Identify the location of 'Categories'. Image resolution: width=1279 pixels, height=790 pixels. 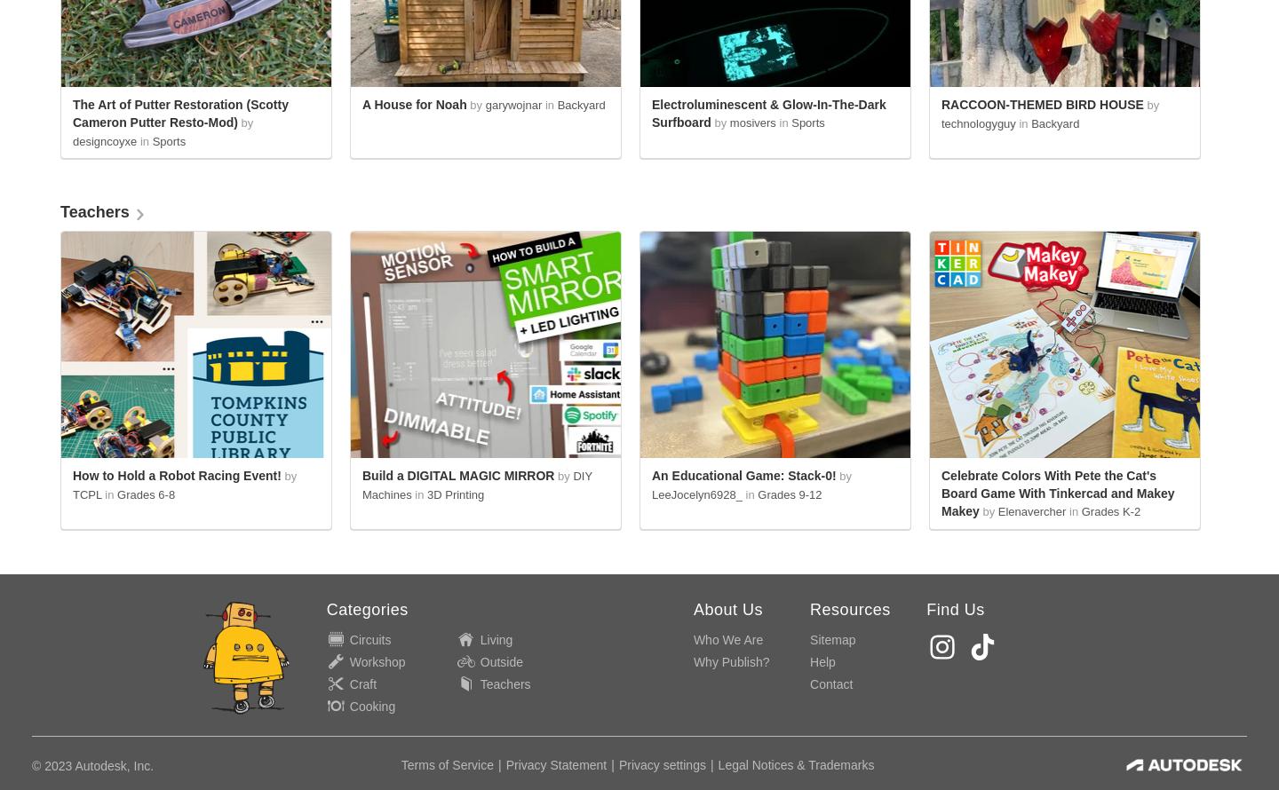
(325, 608).